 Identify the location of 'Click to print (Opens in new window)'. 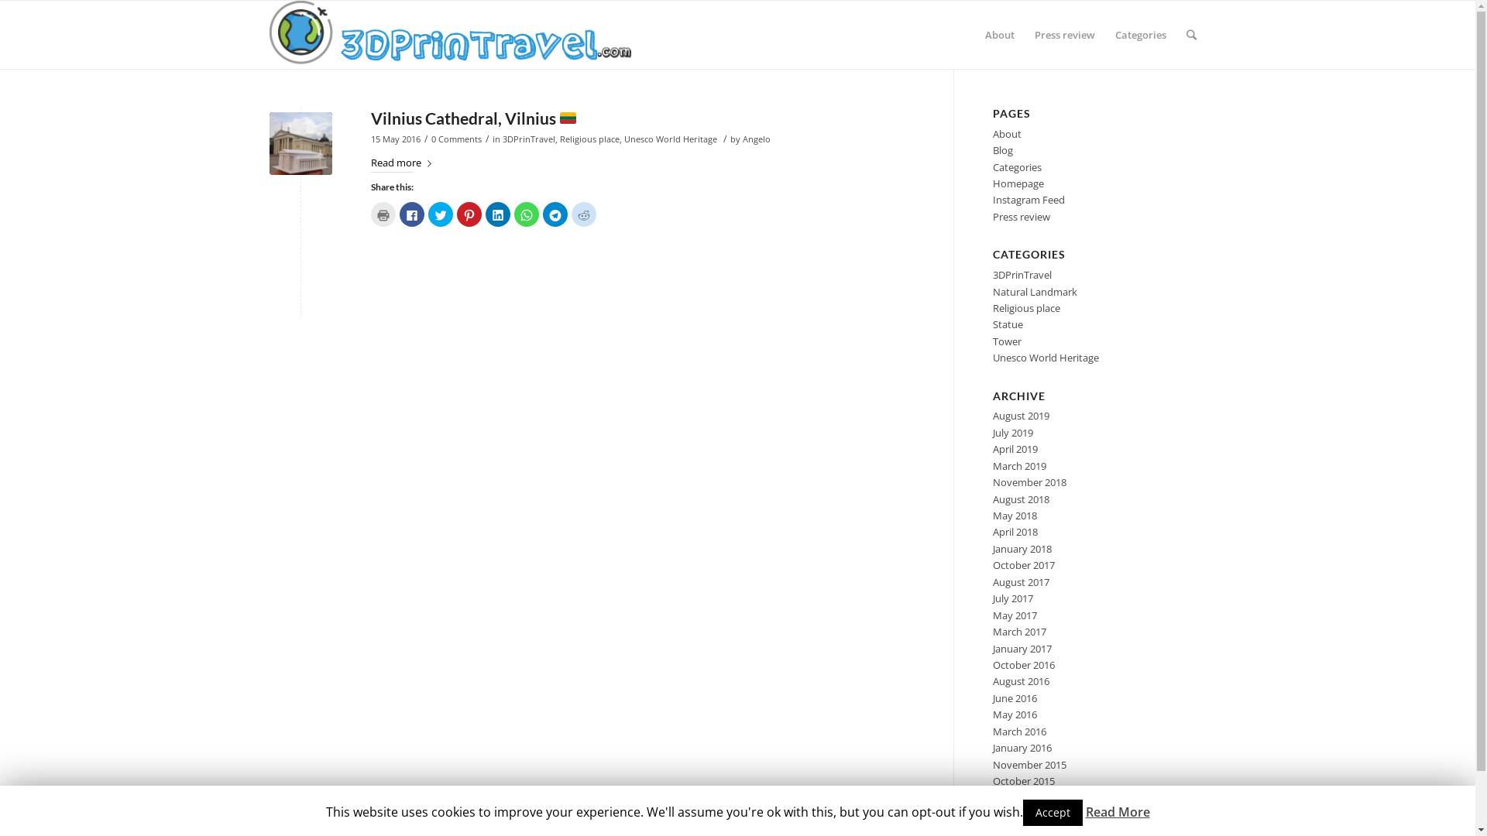
(369, 214).